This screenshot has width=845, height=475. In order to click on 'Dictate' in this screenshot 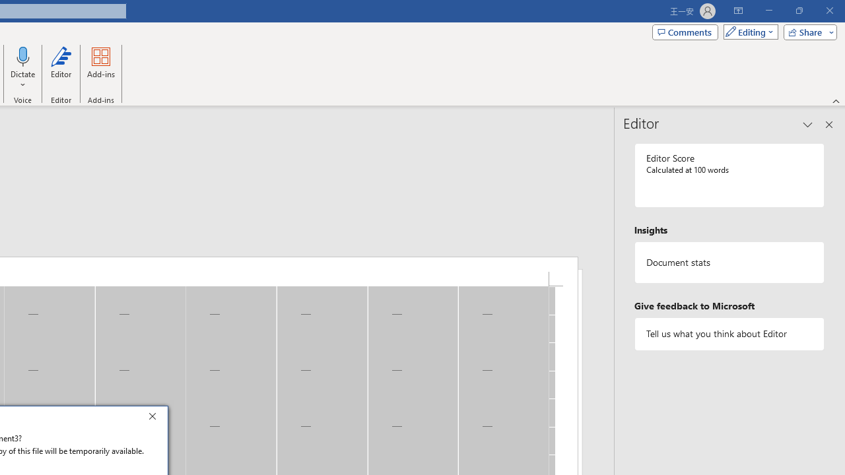, I will do `click(23, 55)`.